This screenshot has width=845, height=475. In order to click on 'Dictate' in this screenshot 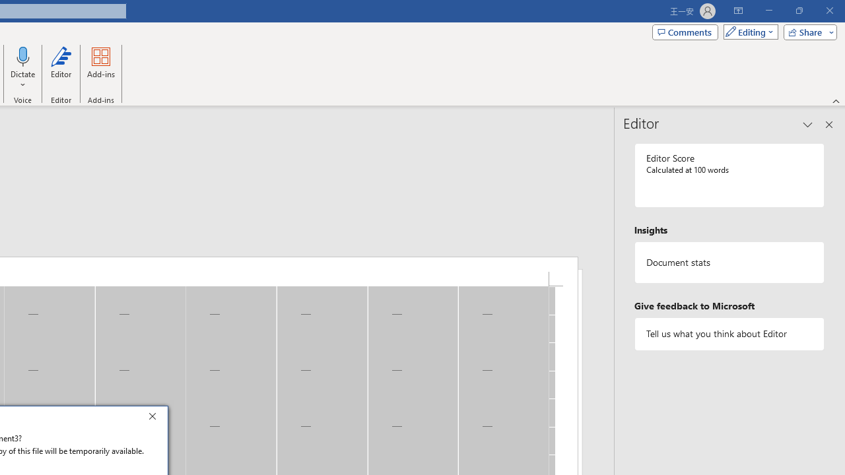, I will do `click(23, 55)`.